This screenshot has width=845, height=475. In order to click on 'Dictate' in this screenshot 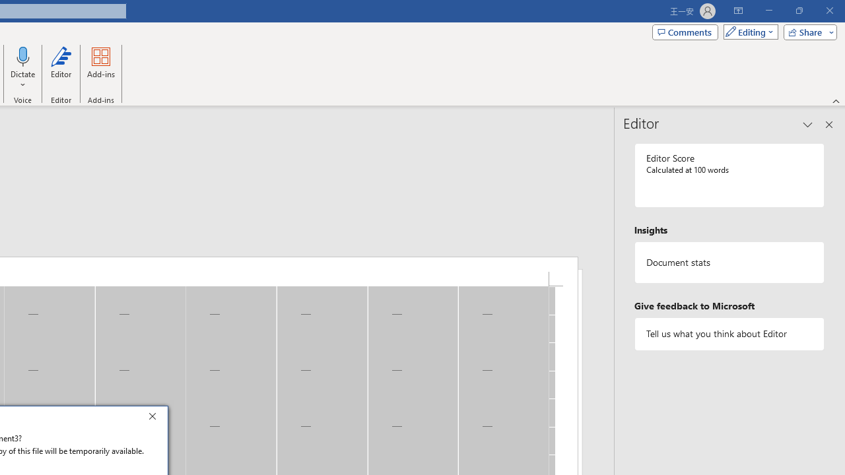, I will do `click(23, 55)`.